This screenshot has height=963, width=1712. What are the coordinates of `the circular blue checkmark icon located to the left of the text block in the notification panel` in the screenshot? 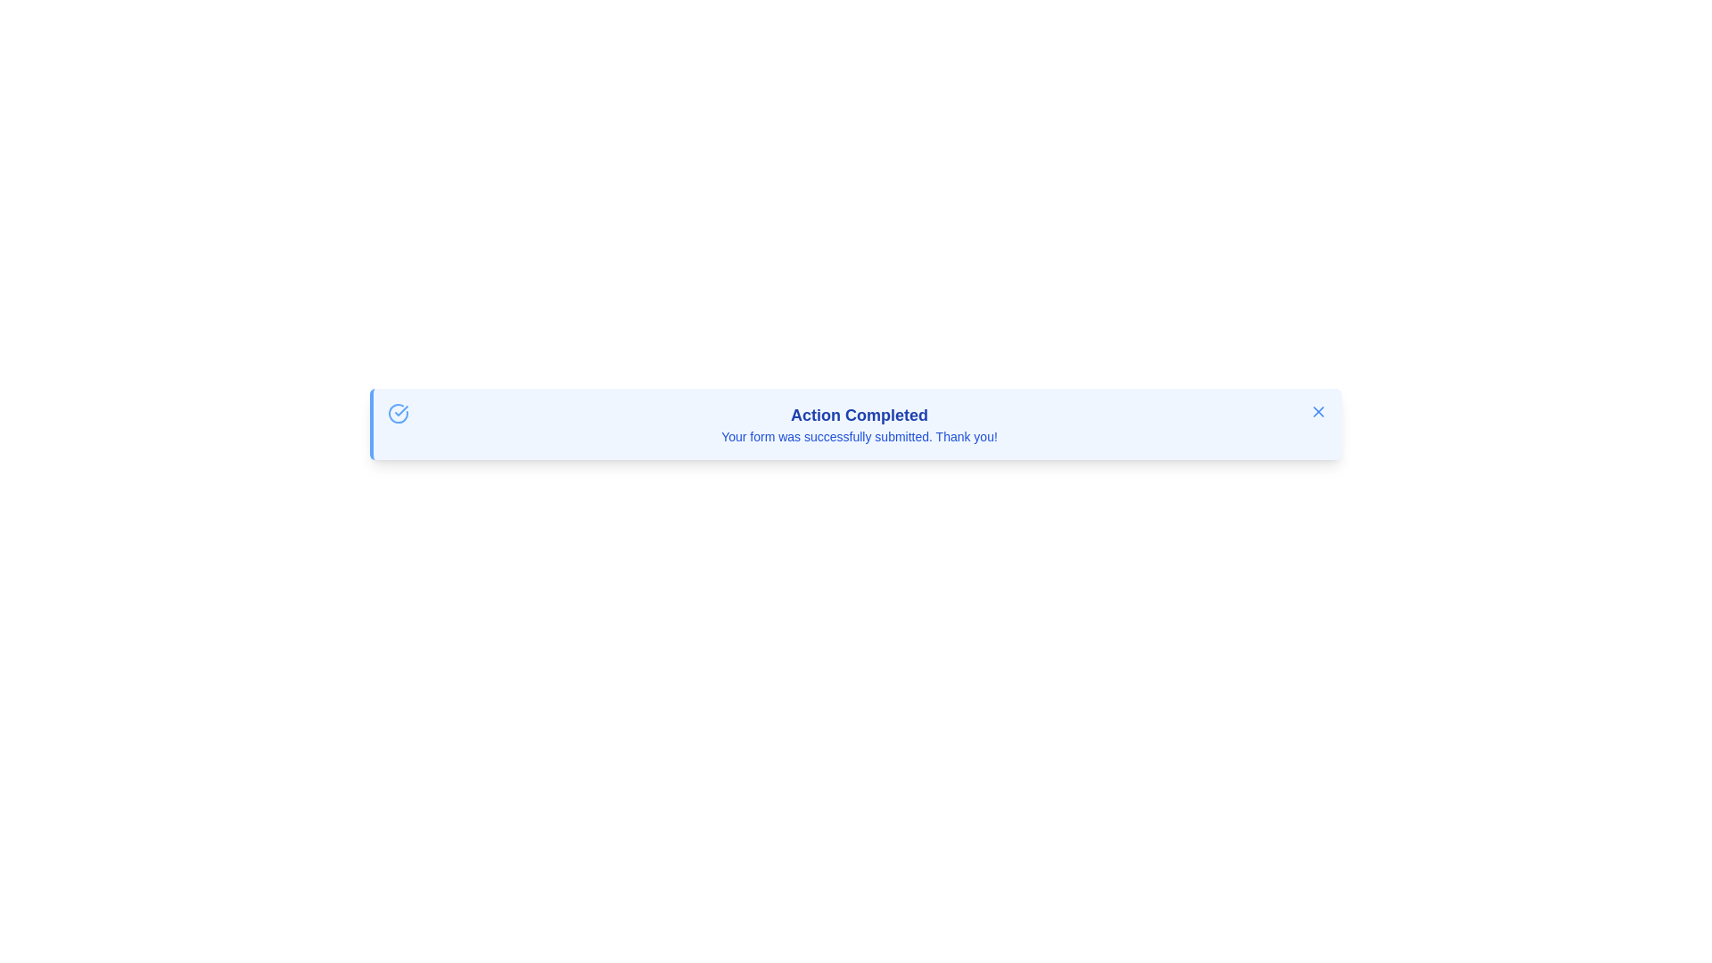 It's located at (397, 413).